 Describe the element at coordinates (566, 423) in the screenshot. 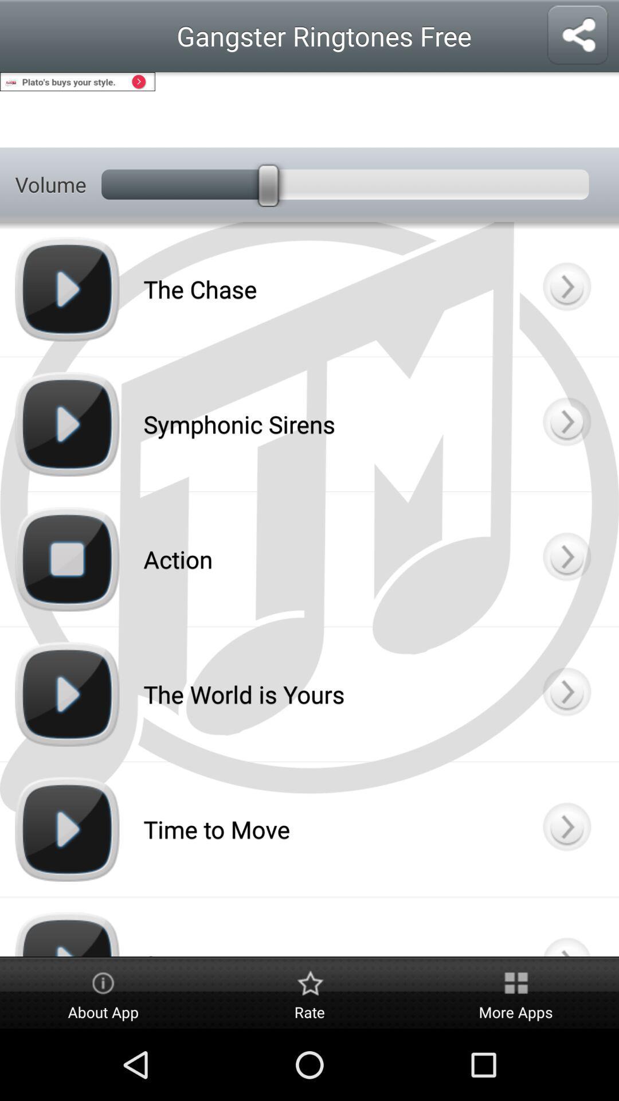

I see `forward` at that location.